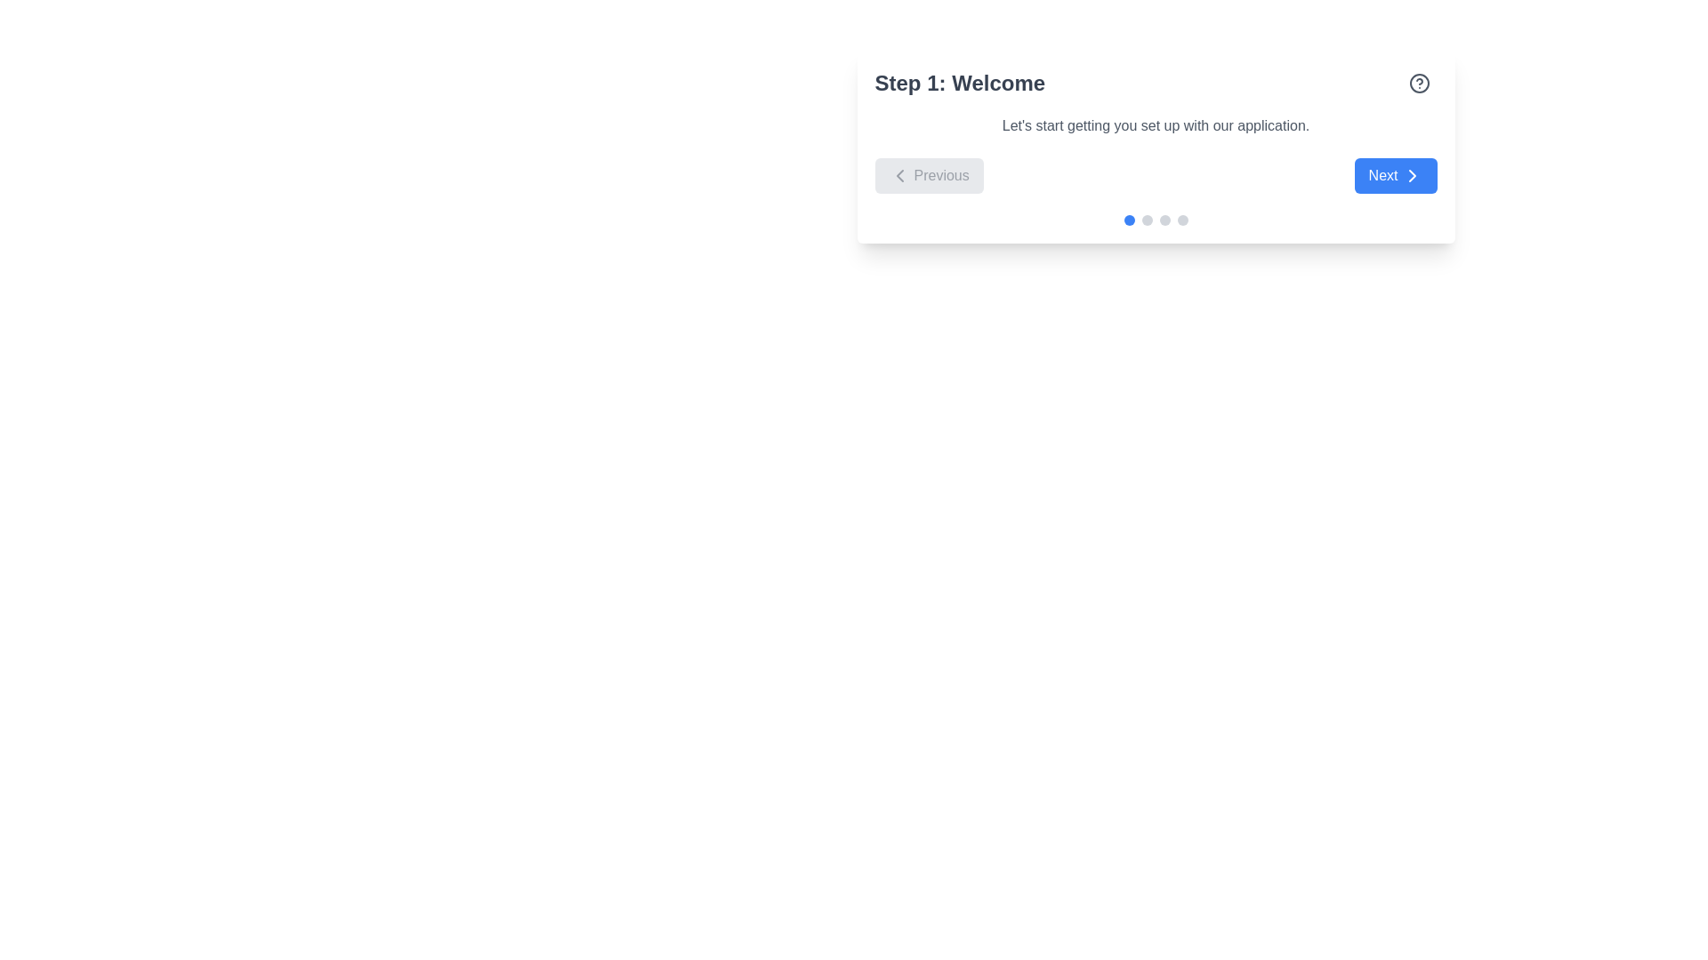  Describe the element at coordinates (1164, 219) in the screenshot. I see `the visual state of the third indicator dot in a navigation tracker, which is currently unselected or inactive` at that location.